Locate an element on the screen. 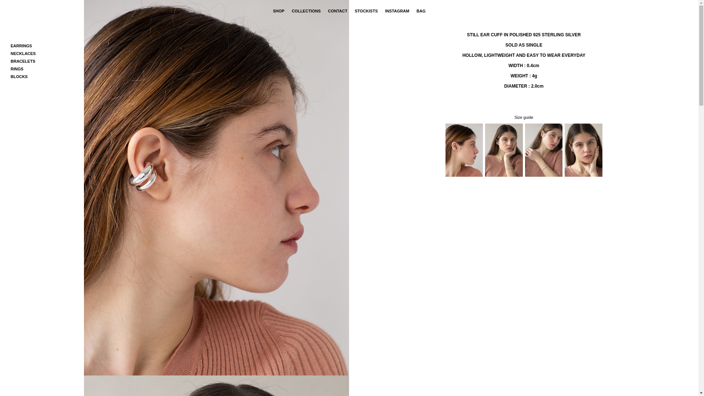 The width and height of the screenshot is (704, 396). 'STOCKISTS' is located at coordinates (354, 11).